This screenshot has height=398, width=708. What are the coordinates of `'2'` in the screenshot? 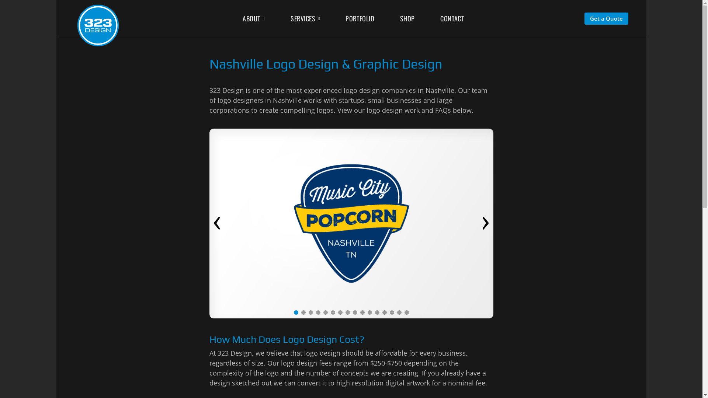 It's located at (303, 313).